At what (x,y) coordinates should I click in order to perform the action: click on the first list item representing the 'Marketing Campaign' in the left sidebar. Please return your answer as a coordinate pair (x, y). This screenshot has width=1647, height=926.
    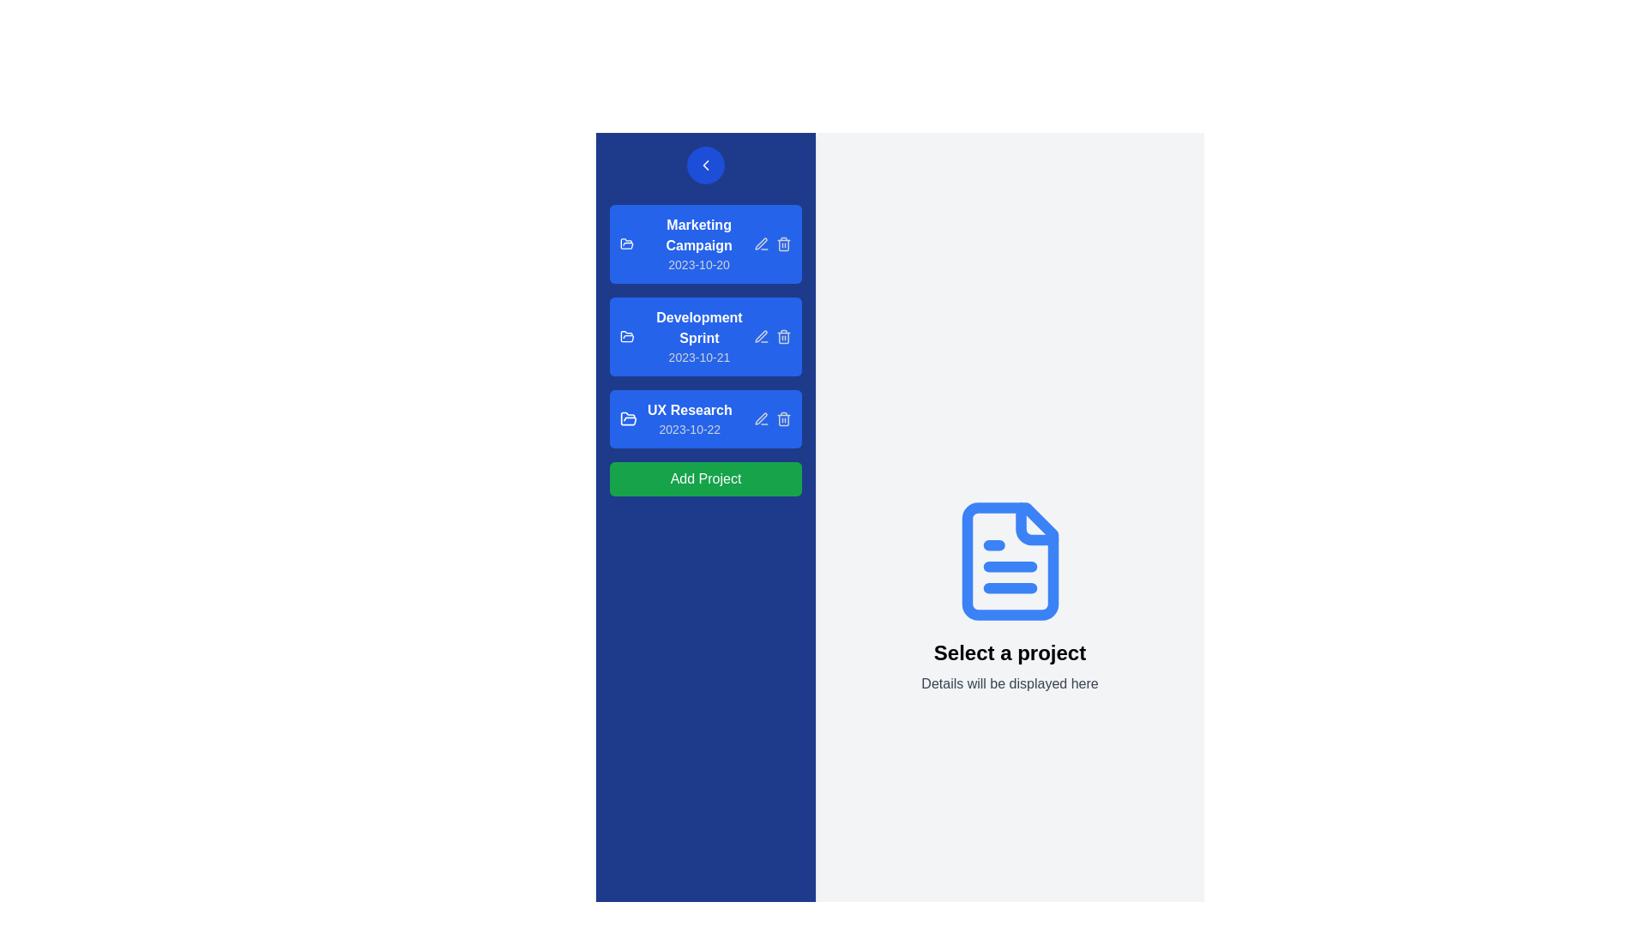
    Looking at the image, I should click on (705, 244).